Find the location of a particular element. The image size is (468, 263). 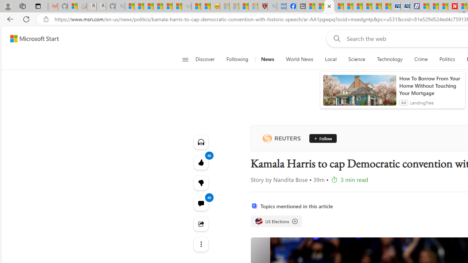

'Listen to this article' is located at coordinates (201, 142).